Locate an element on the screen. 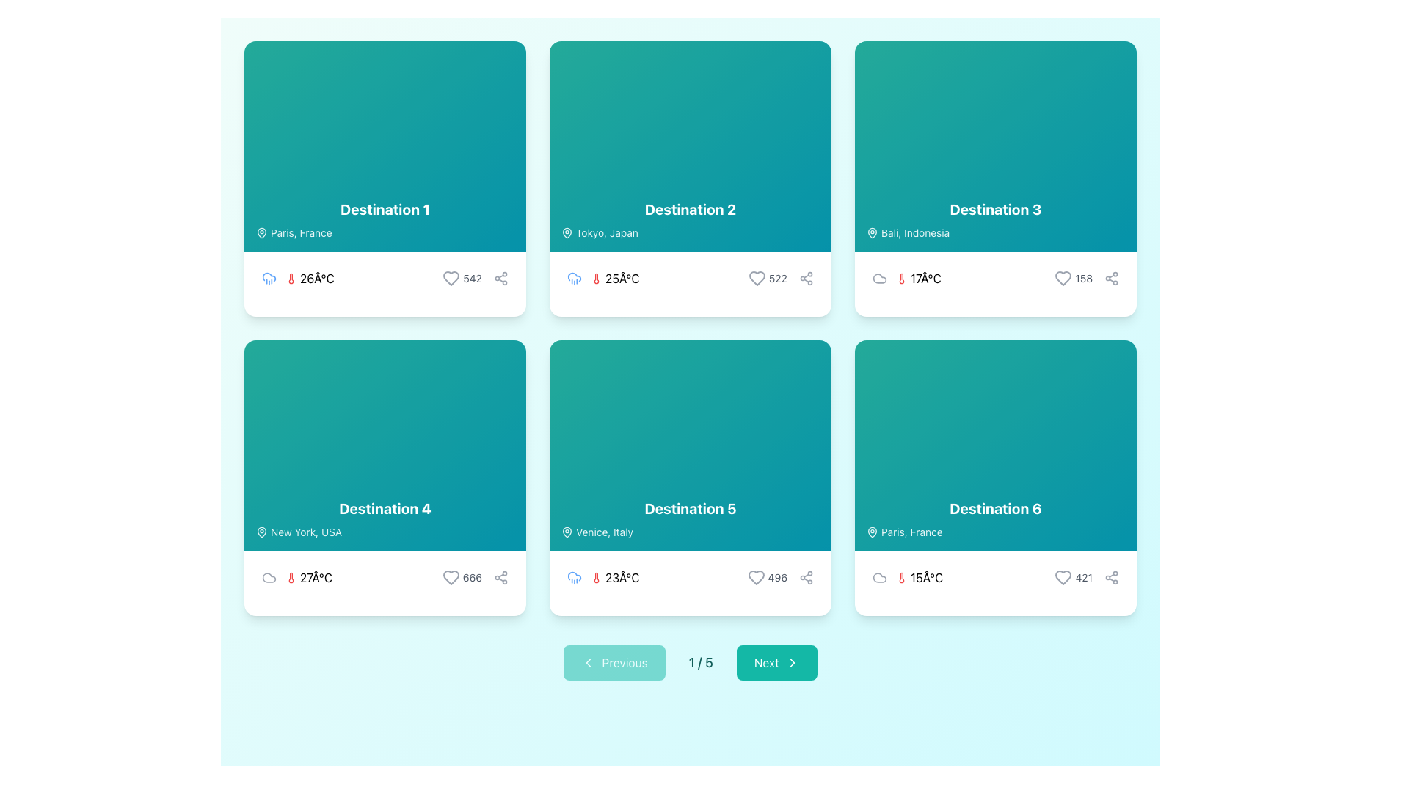 This screenshot has height=792, width=1409. the temperature reading label displaying '26Â°C' with the thermometer icon in red, located in the bottom-left section of the 'Destination 1' card about Paris, France is located at coordinates (309, 279).